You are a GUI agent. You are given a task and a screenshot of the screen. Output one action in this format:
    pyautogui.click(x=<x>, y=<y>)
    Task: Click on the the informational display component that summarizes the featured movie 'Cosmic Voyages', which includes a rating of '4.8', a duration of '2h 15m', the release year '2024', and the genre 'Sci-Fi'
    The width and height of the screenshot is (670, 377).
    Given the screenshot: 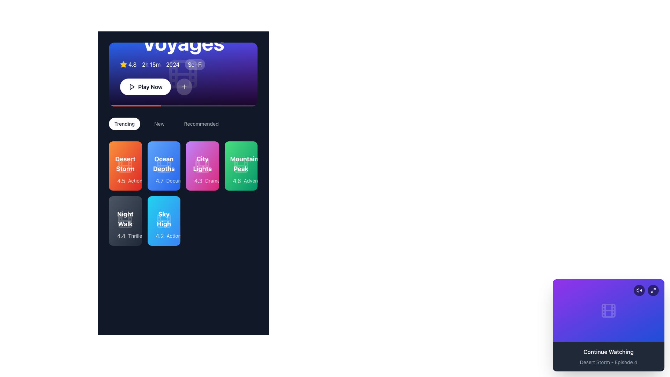 What is the action you would take?
    pyautogui.click(x=183, y=64)
    